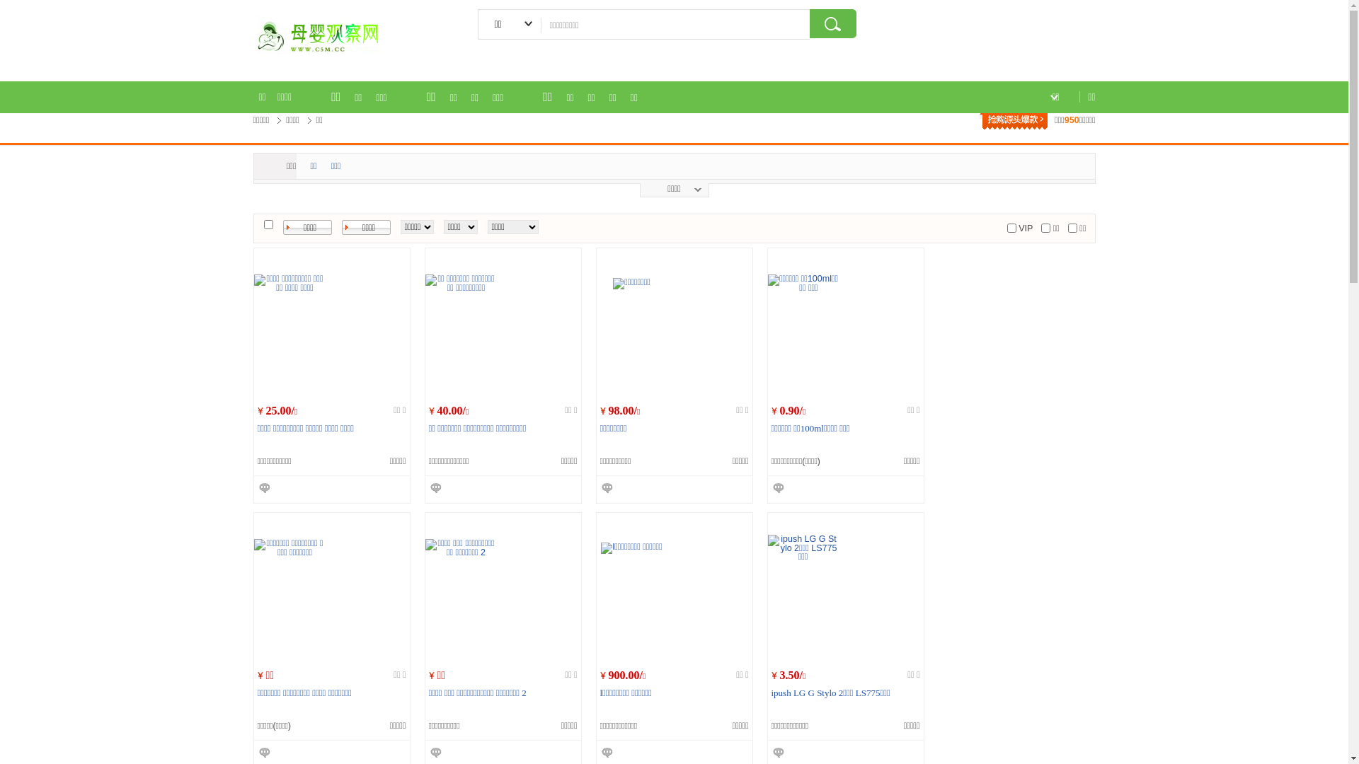  Describe the element at coordinates (1011, 227) in the screenshot. I see `'on'` at that location.